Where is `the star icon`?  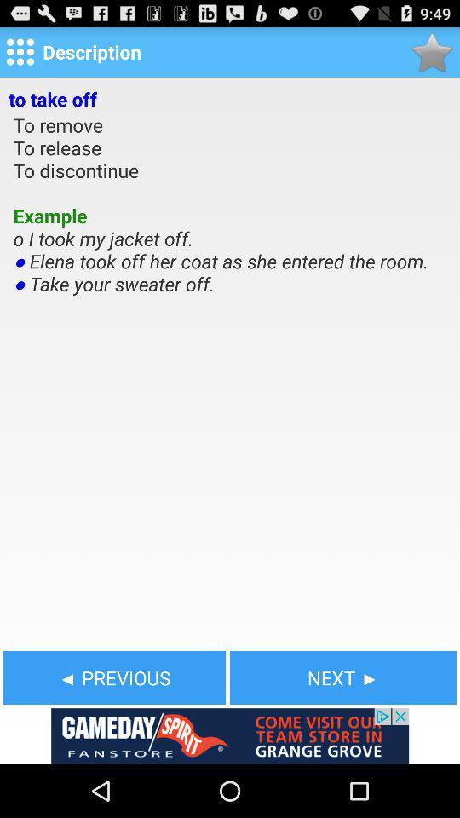
the star icon is located at coordinates (432, 55).